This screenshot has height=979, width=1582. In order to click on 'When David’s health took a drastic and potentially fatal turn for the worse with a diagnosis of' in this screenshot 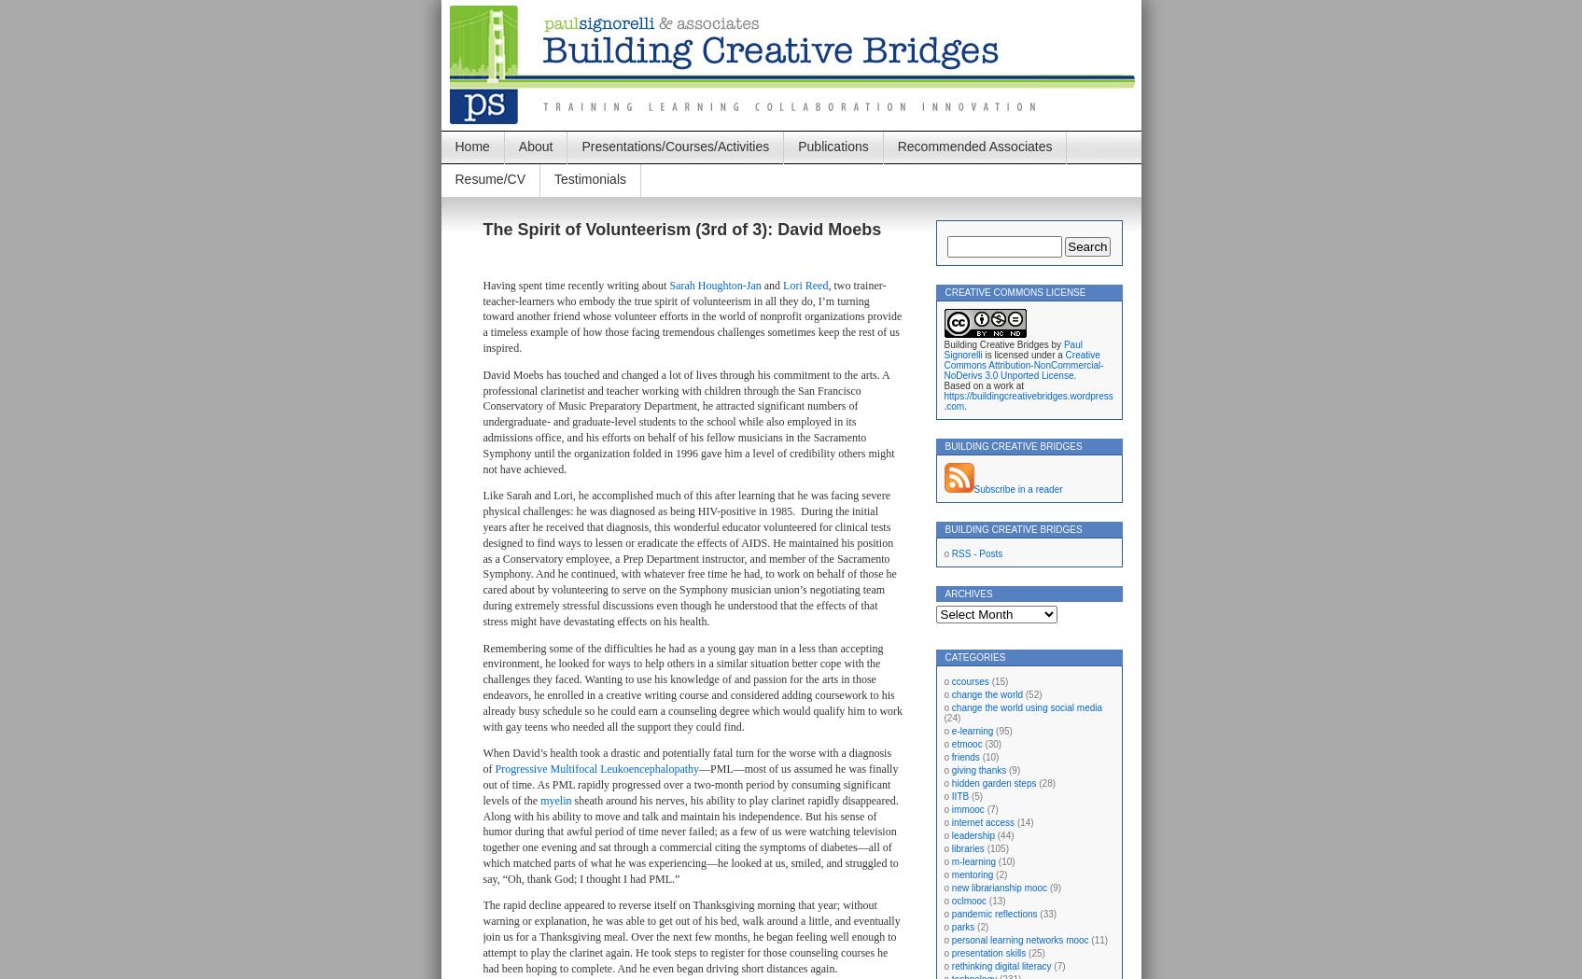, I will do `click(685, 760)`.